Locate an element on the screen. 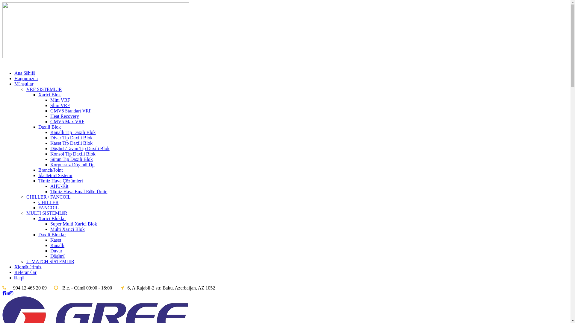 This screenshot has width=575, height=323. 'instagram' is located at coordinates (11, 293).